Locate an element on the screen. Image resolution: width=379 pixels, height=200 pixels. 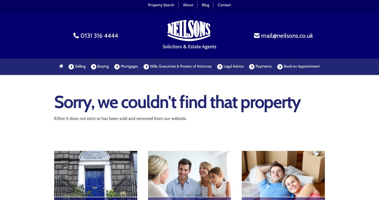
'Property Search' is located at coordinates (161, 4).